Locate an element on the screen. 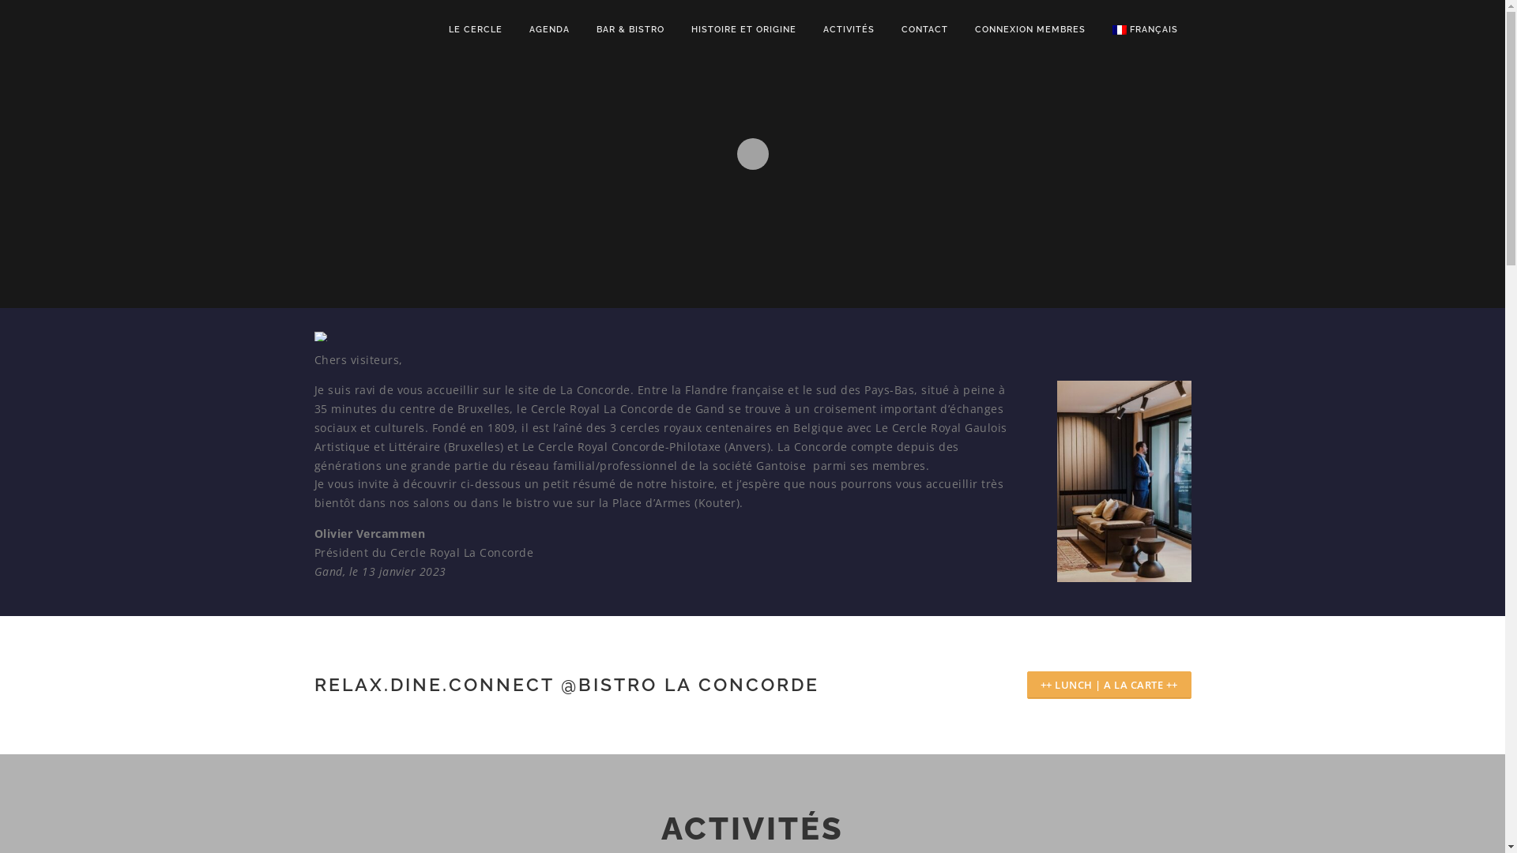  'CONTACT' is located at coordinates (924, 29).